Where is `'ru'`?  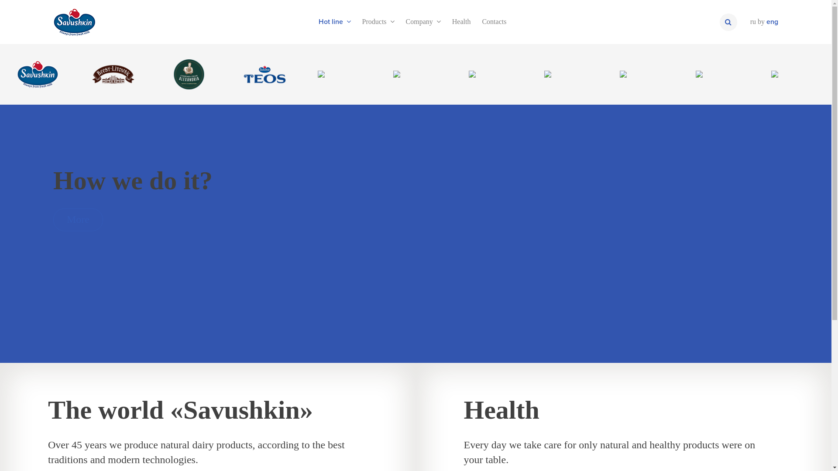 'ru' is located at coordinates (752, 21).